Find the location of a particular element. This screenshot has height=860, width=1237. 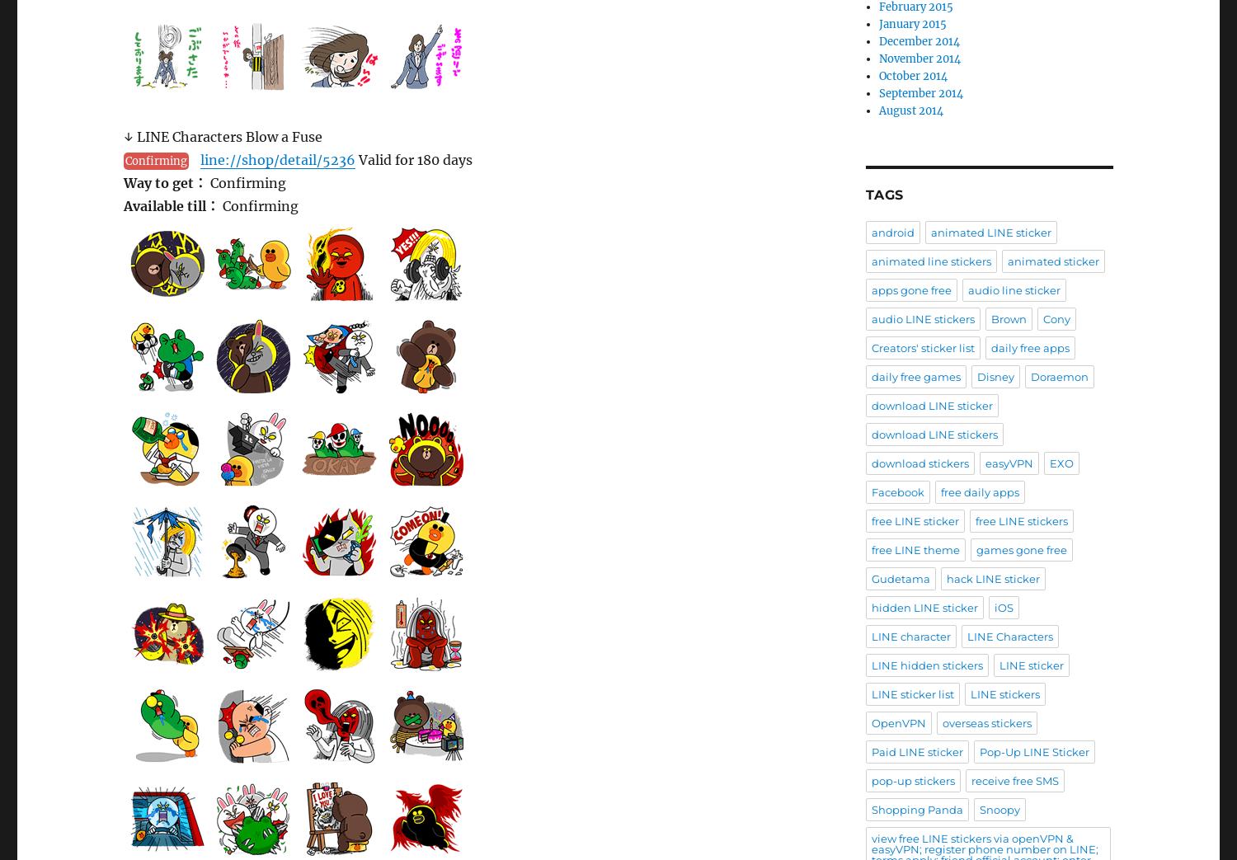

'iOS' is located at coordinates (1003, 607).